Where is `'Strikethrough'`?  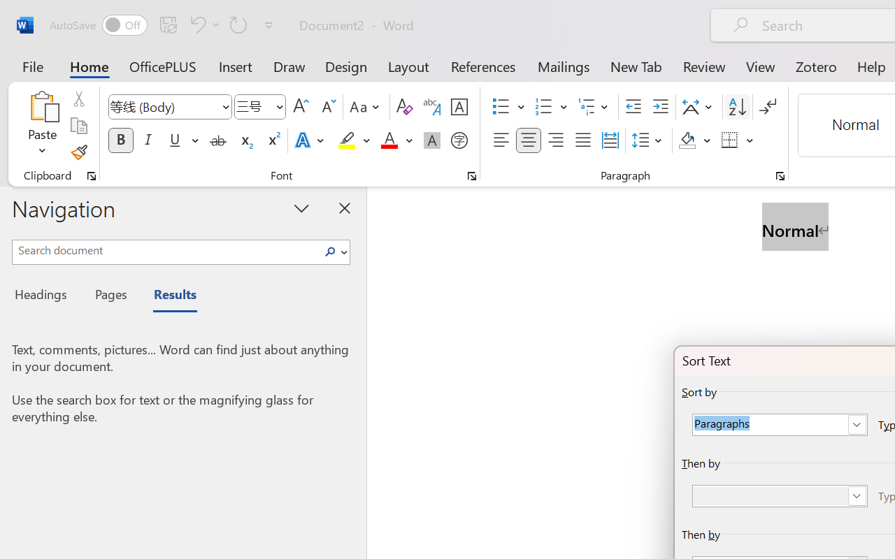
'Strikethrough' is located at coordinates (217, 140).